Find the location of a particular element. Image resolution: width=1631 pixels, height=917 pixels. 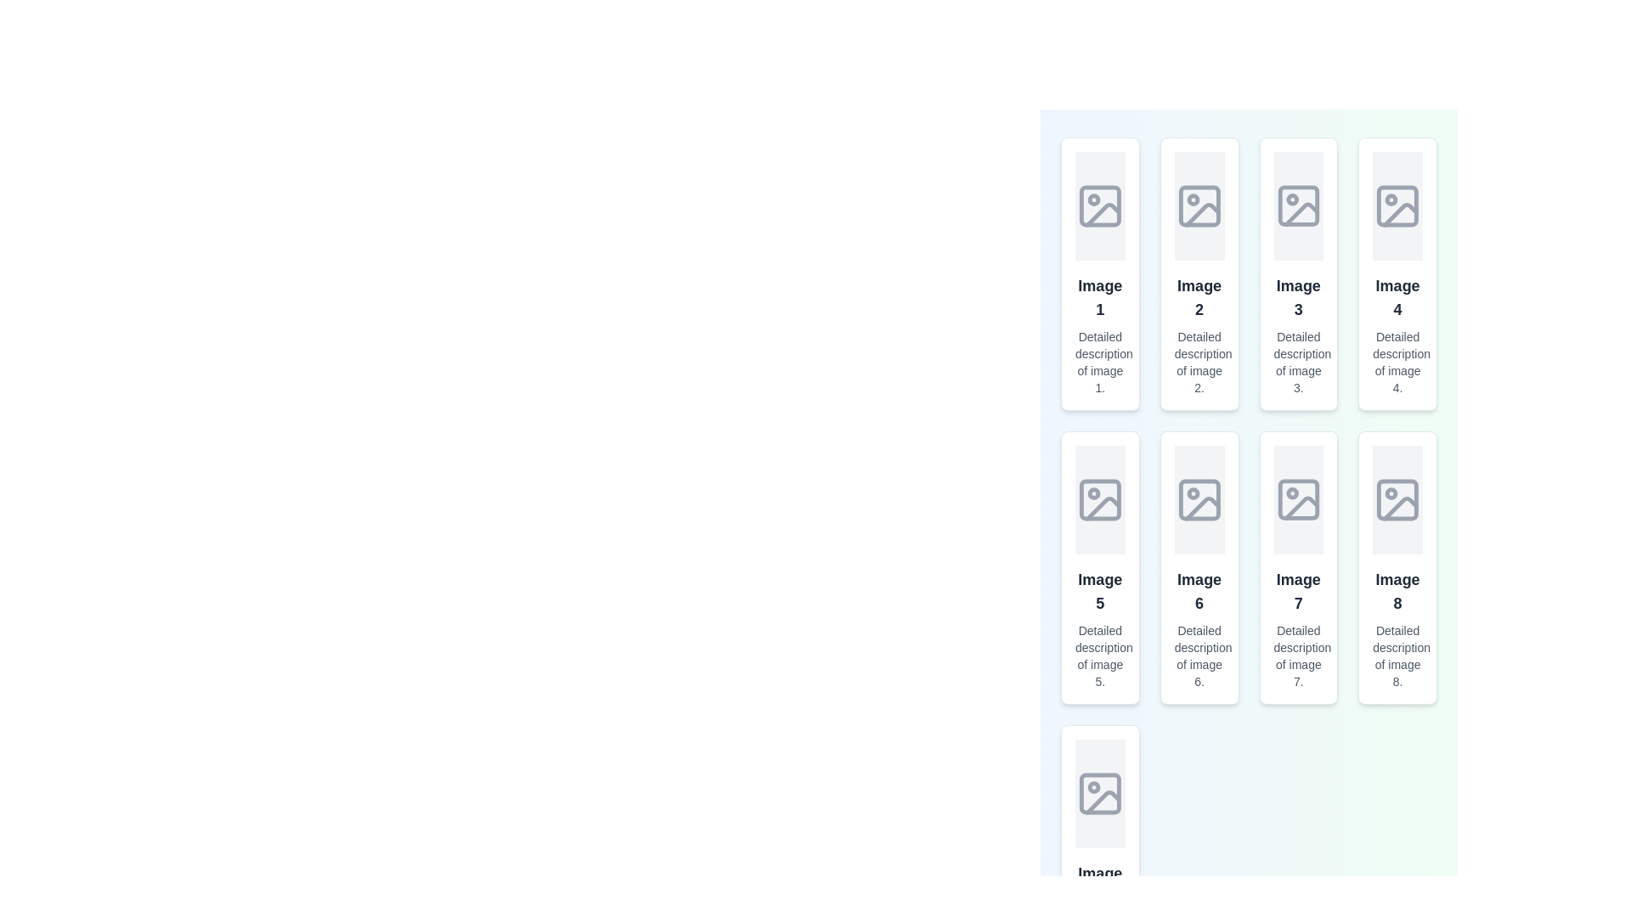

the Content Card featuring an image icon, titled 'Image 1', with a description underneath it in the top-left corner of the grid layout is located at coordinates (1100, 273).